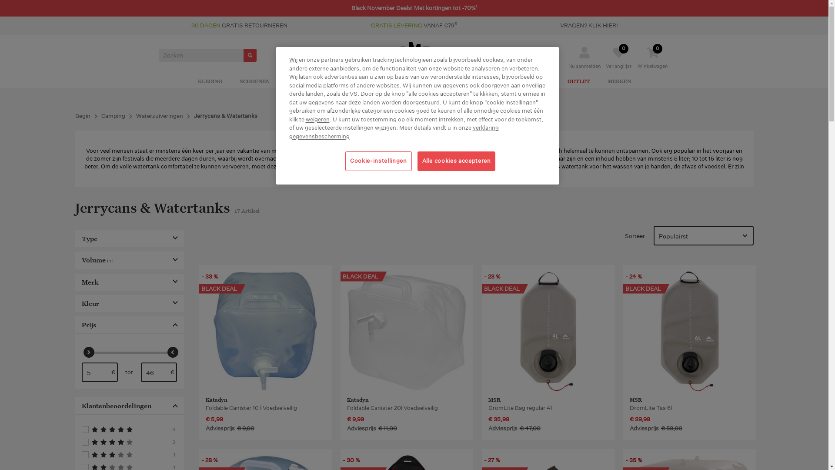  What do you see at coordinates (305, 119) in the screenshot?
I see `'weigeren'` at bounding box center [305, 119].